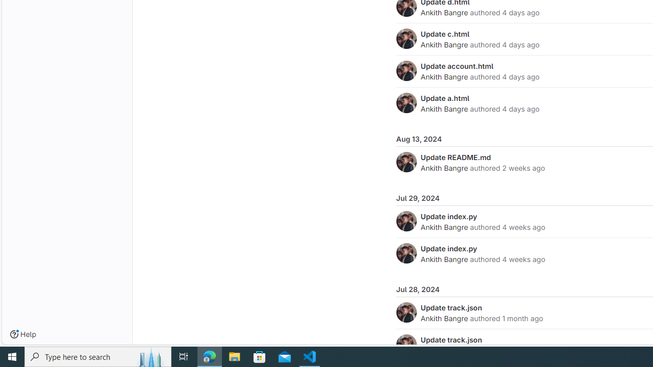 This screenshot has width=653, height=367. I want to click on 'Update c.html', so click(445, 33).